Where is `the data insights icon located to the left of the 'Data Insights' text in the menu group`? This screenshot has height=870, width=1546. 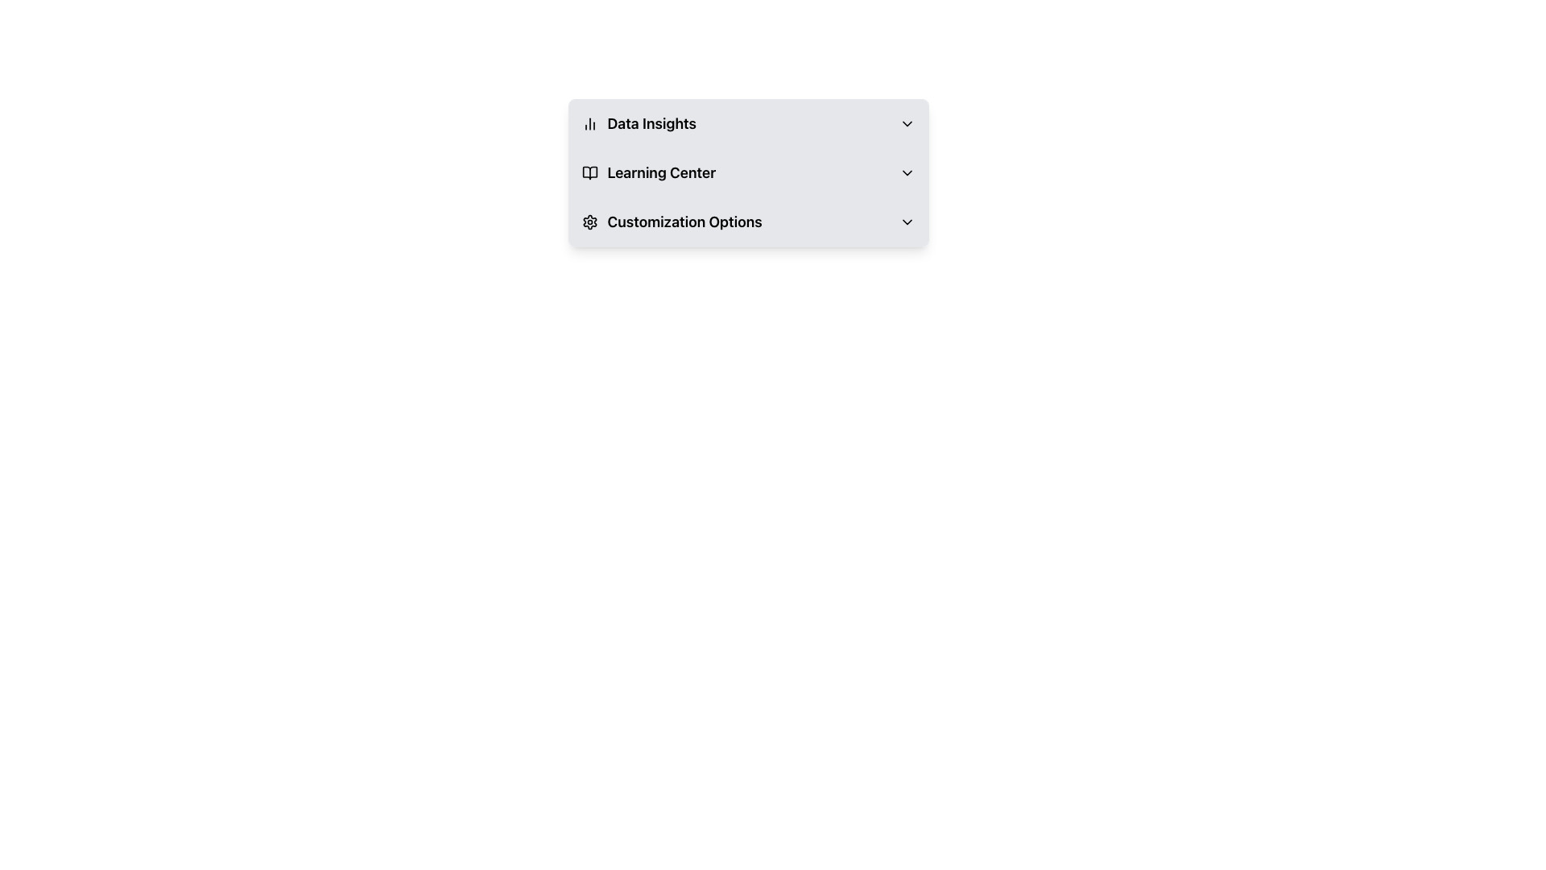 the data insights icon located to the left of the 'Data Insights' text in the menu group is located at coordinates (589, 123).